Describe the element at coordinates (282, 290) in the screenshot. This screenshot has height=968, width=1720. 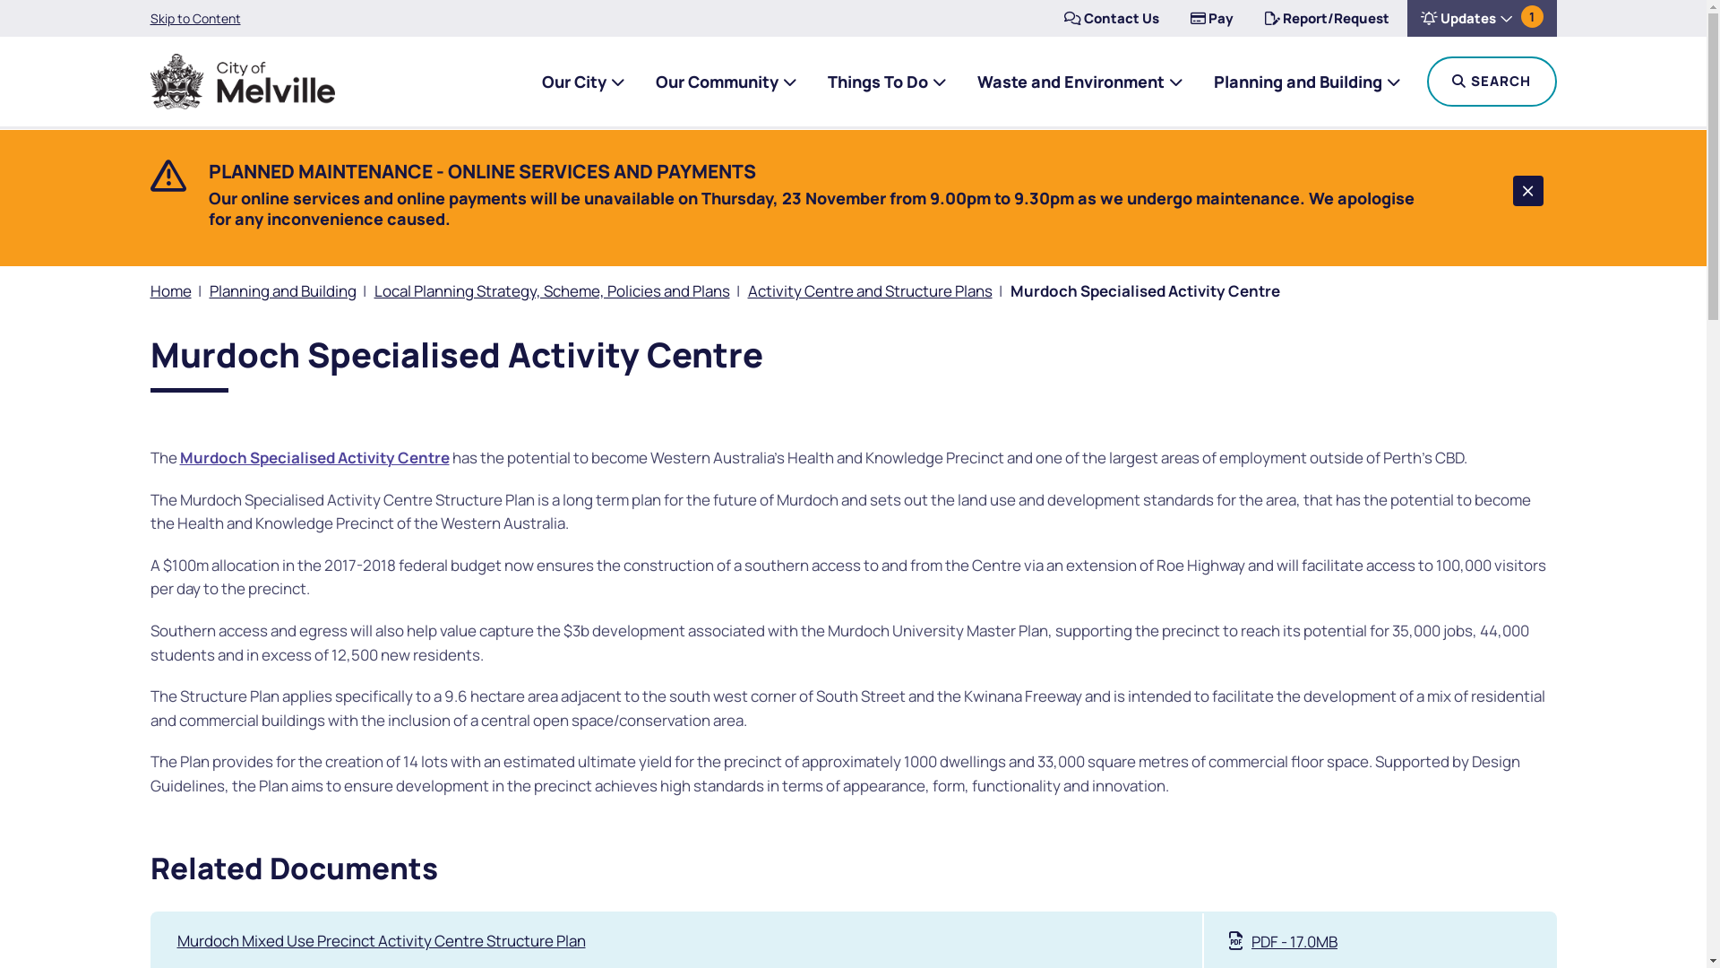
I see `'Planning and Building'` at that location.